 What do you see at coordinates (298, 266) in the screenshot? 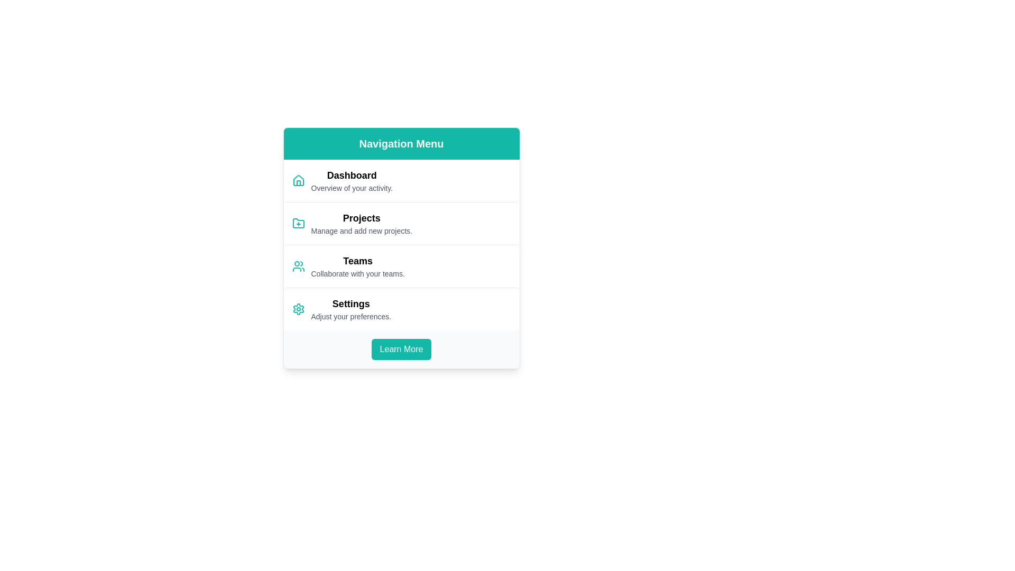
I see `the teal 'Teams' icon representing the 'Teams' section in the navigation menu` at bounding box center [298, 266].